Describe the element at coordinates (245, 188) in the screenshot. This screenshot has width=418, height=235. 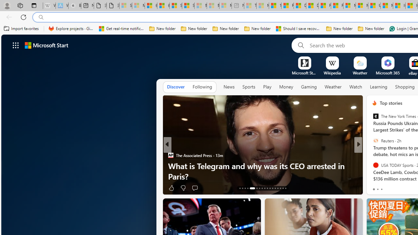
I see `'AutomationID: tab-15'` at that location.